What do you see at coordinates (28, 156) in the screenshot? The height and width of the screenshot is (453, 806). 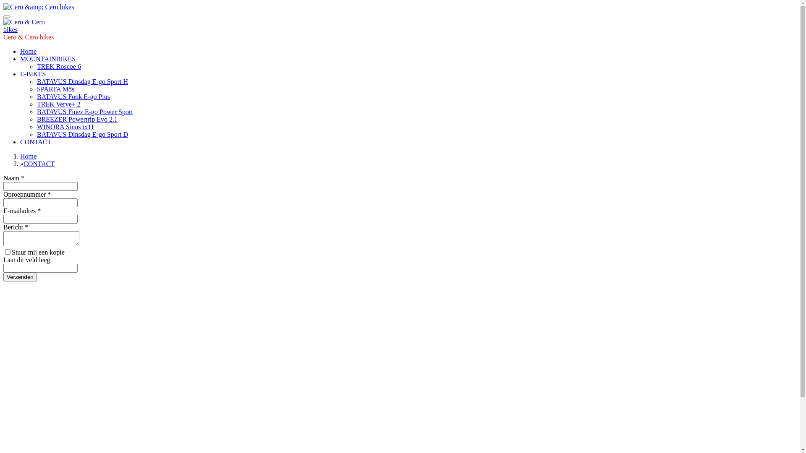 I see `'Home'` at bounding box center [28, 156].